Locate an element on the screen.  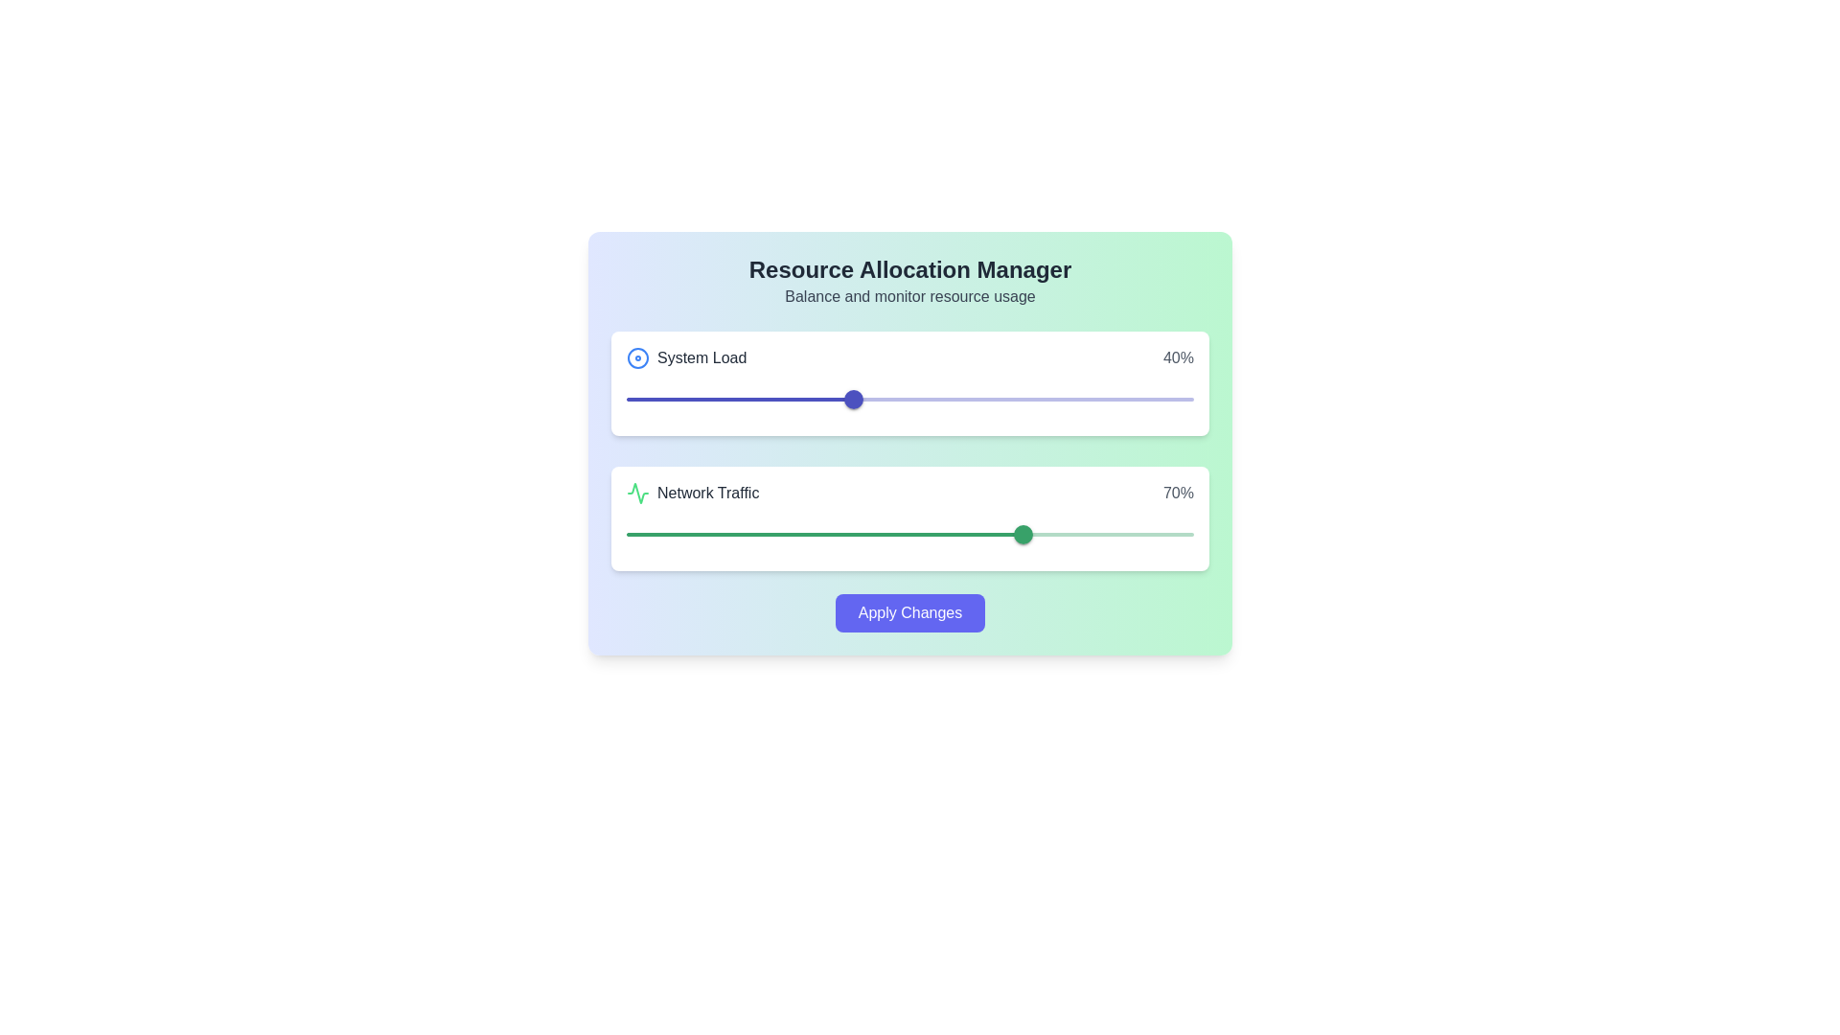
network traffic is located at coordinates (1120, 535).